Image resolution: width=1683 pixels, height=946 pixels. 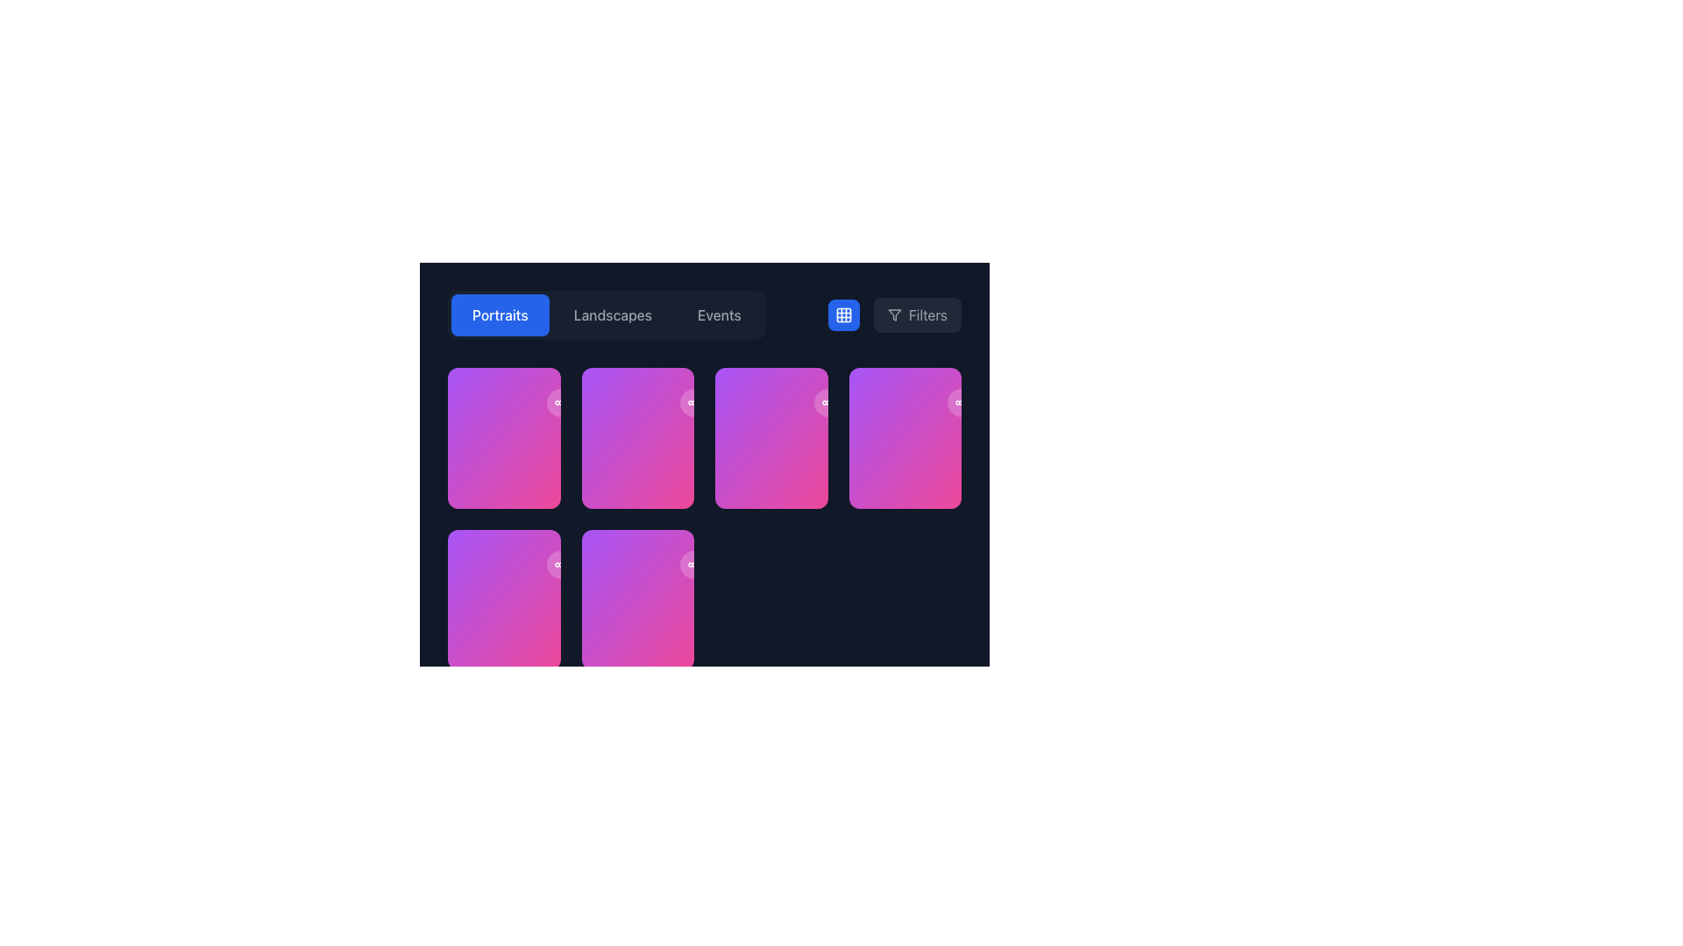 I want to click on the filtering icon located within the 'Filters' button on the top menu bar, so click(x=894, y=314).